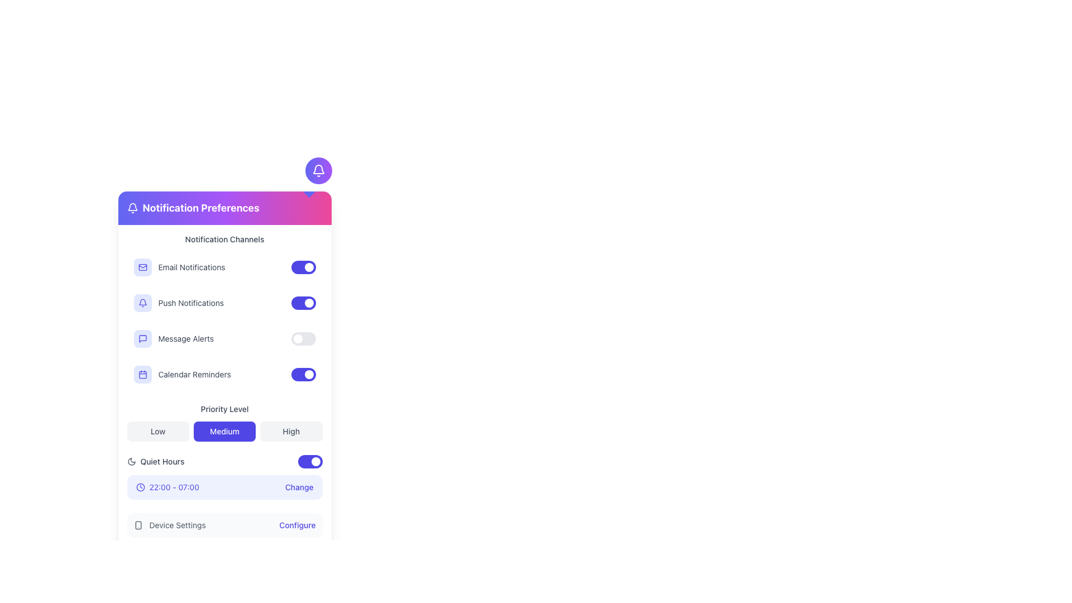 The width and height of the screenshot is (1072, 603). I want to click on the toggle switch for the 'Push Notifications' setting item to switch its state, so click(224, 303).